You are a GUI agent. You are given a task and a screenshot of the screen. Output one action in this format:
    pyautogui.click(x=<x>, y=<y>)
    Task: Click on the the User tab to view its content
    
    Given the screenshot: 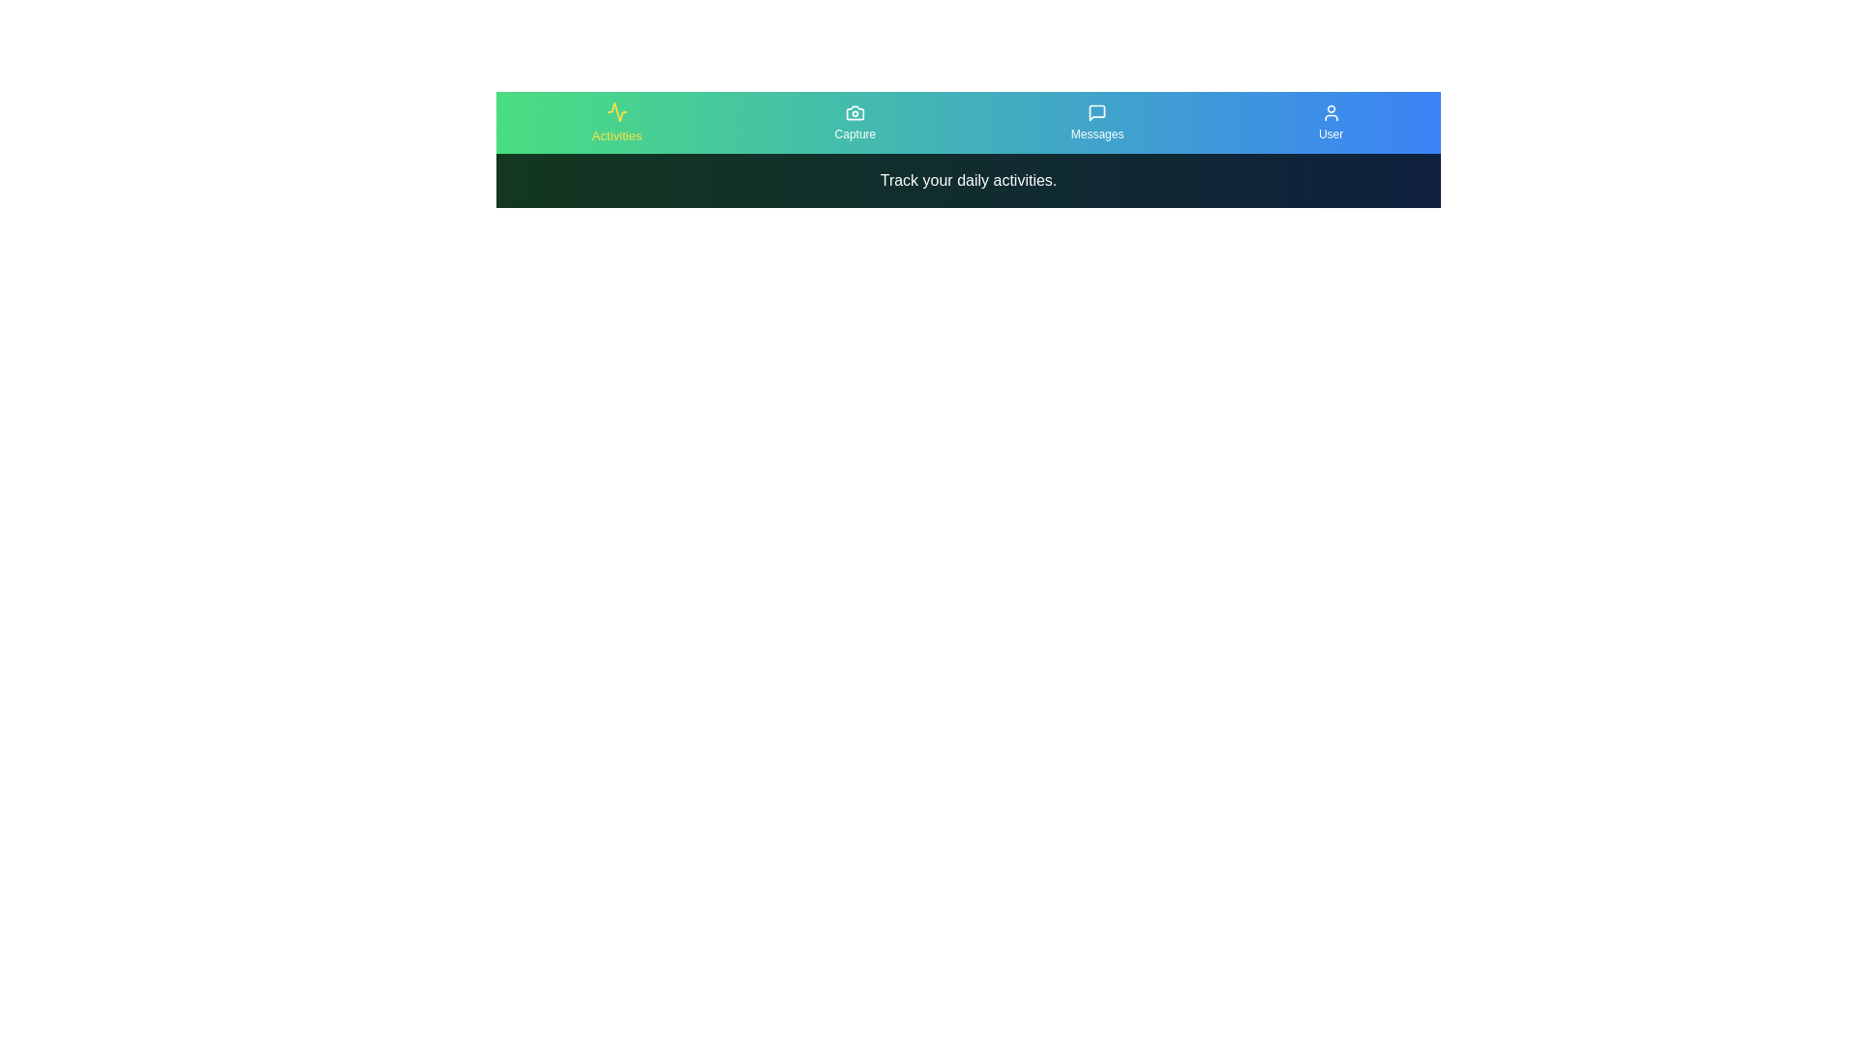 What is the action you would take?
    pyautogui.click(x=1329, y=123)
    